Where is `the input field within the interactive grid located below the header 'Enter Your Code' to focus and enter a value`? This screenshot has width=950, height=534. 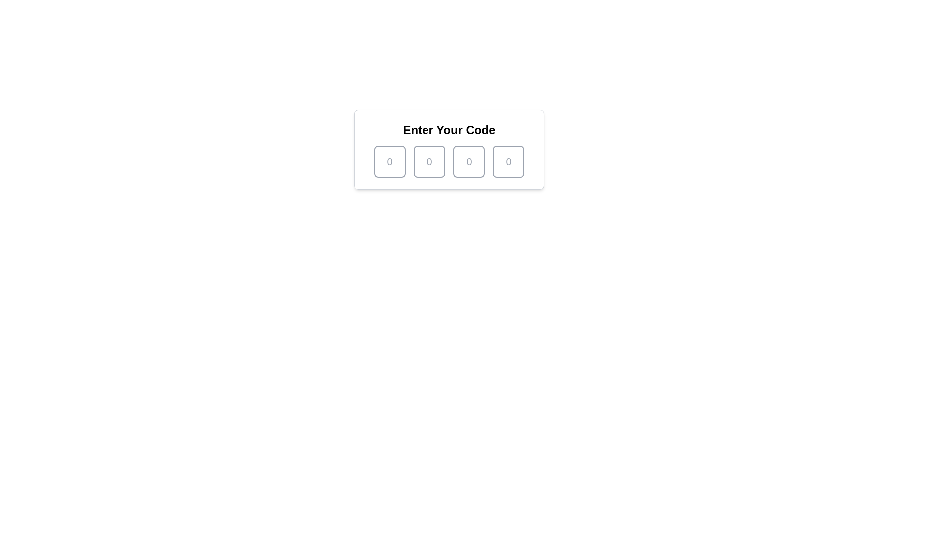
the input field within the interactive grid located below the header 'Enter Your Code' to focus and enter a value is located at coordinates (448, 161).